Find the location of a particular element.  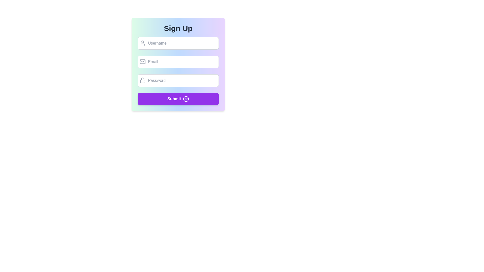

the user silhouette icon located within the username input field, positioned towards the left side adjacent to the placeholder text 'Username' is located at coordinates (142, 43).